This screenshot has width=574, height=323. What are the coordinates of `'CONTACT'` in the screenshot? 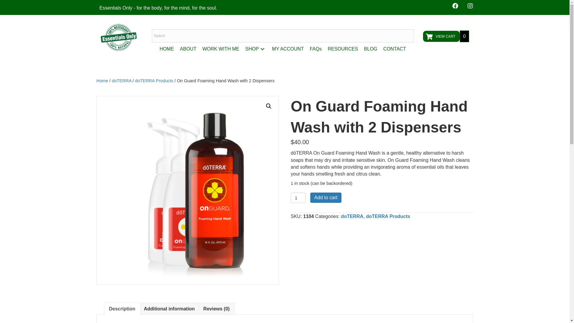 It's located at (395, 48).